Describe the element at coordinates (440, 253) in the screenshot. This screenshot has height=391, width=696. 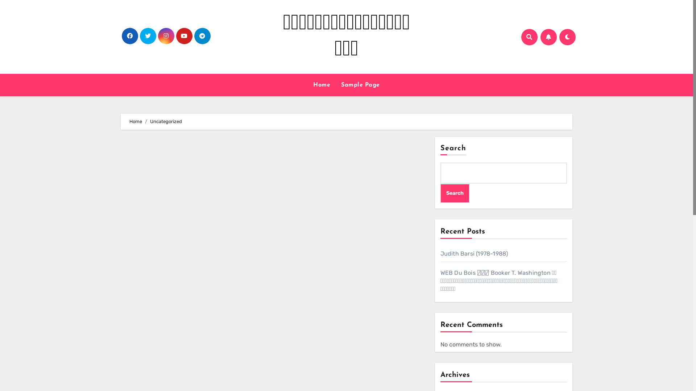
I see `'Judith Barsi (1978-1988)'` at that location.